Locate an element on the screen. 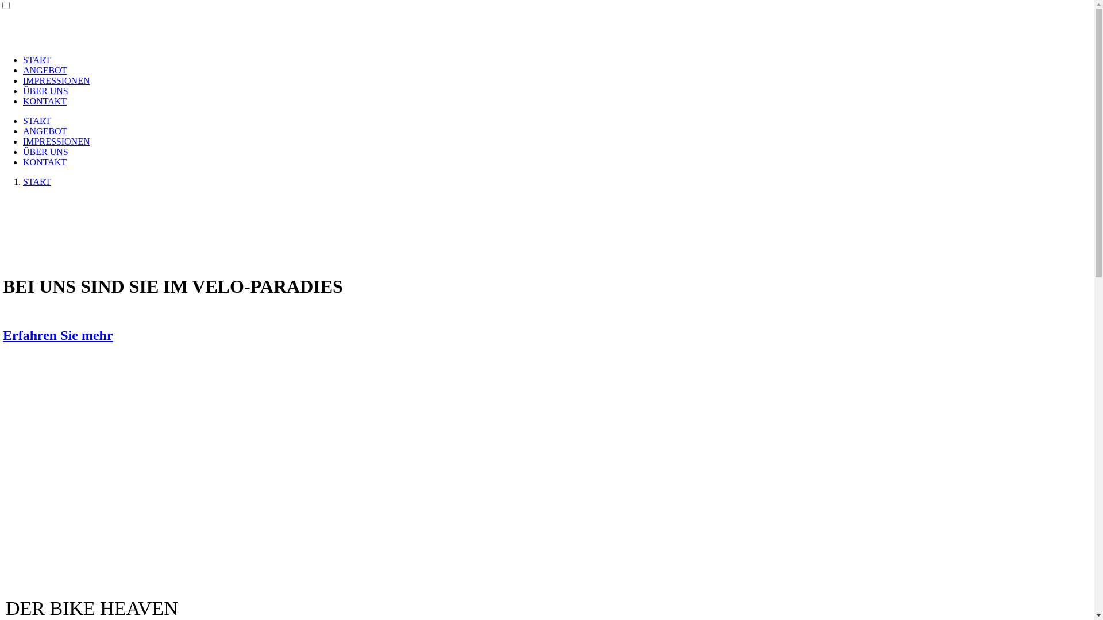 The image size is (1103, 620). 'START' is located at coordinates (36, 60).